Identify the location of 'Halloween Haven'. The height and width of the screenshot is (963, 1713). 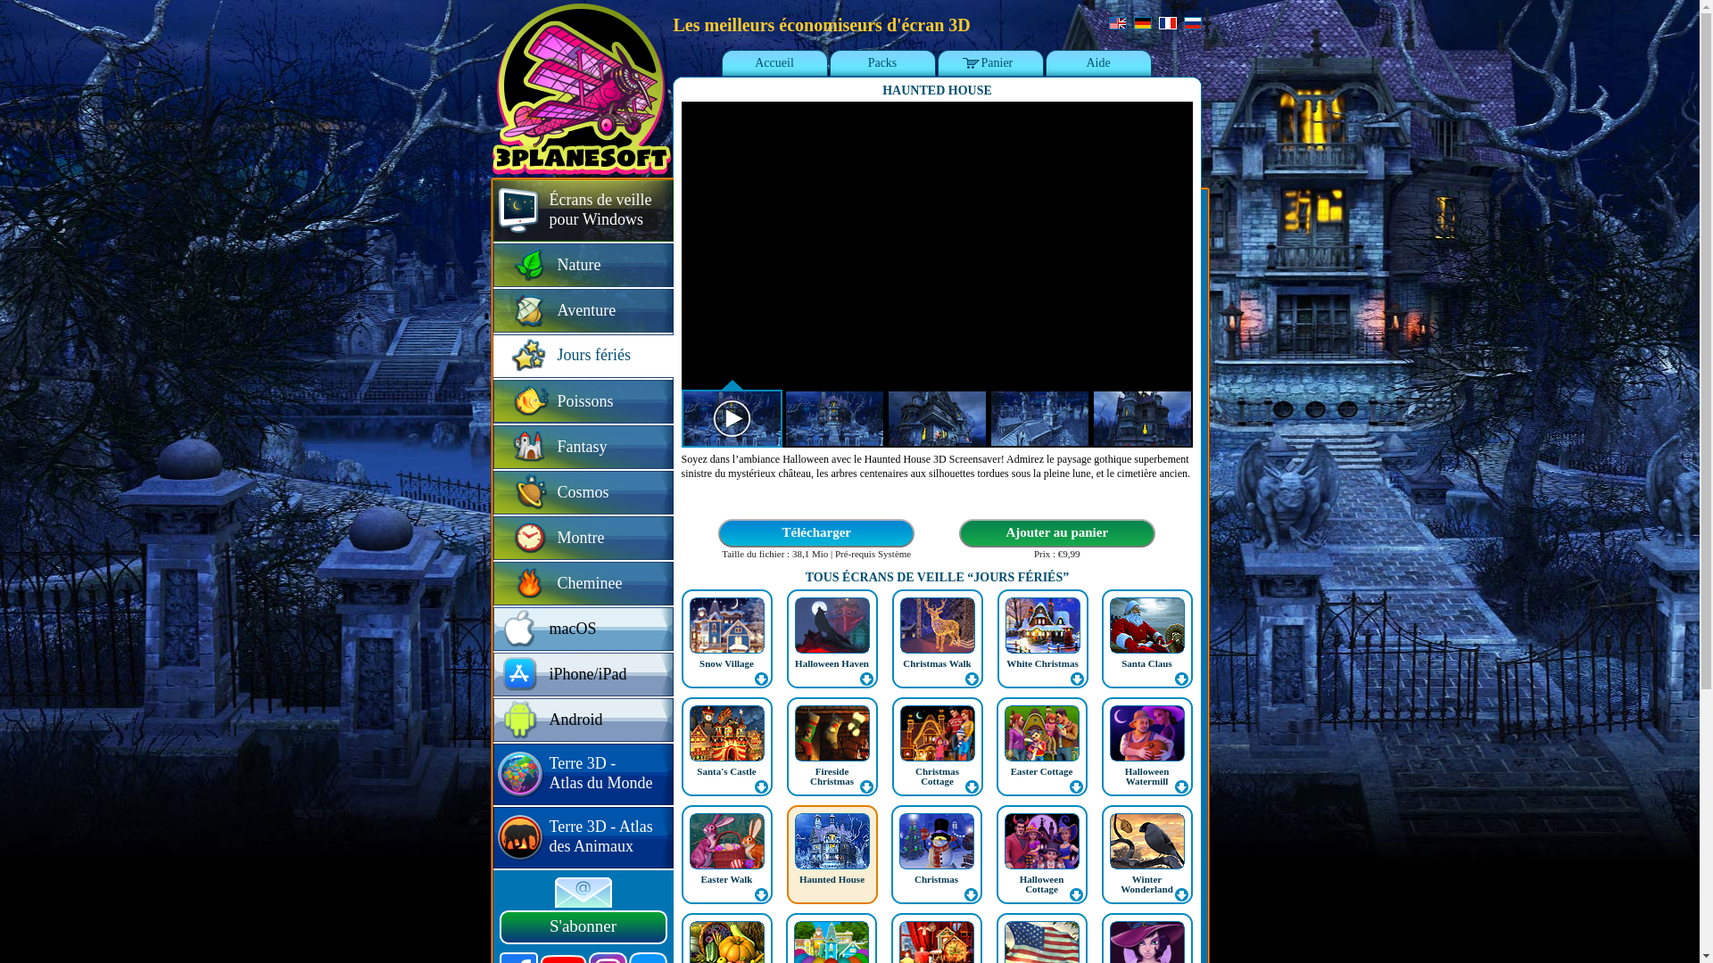
(831, 663).